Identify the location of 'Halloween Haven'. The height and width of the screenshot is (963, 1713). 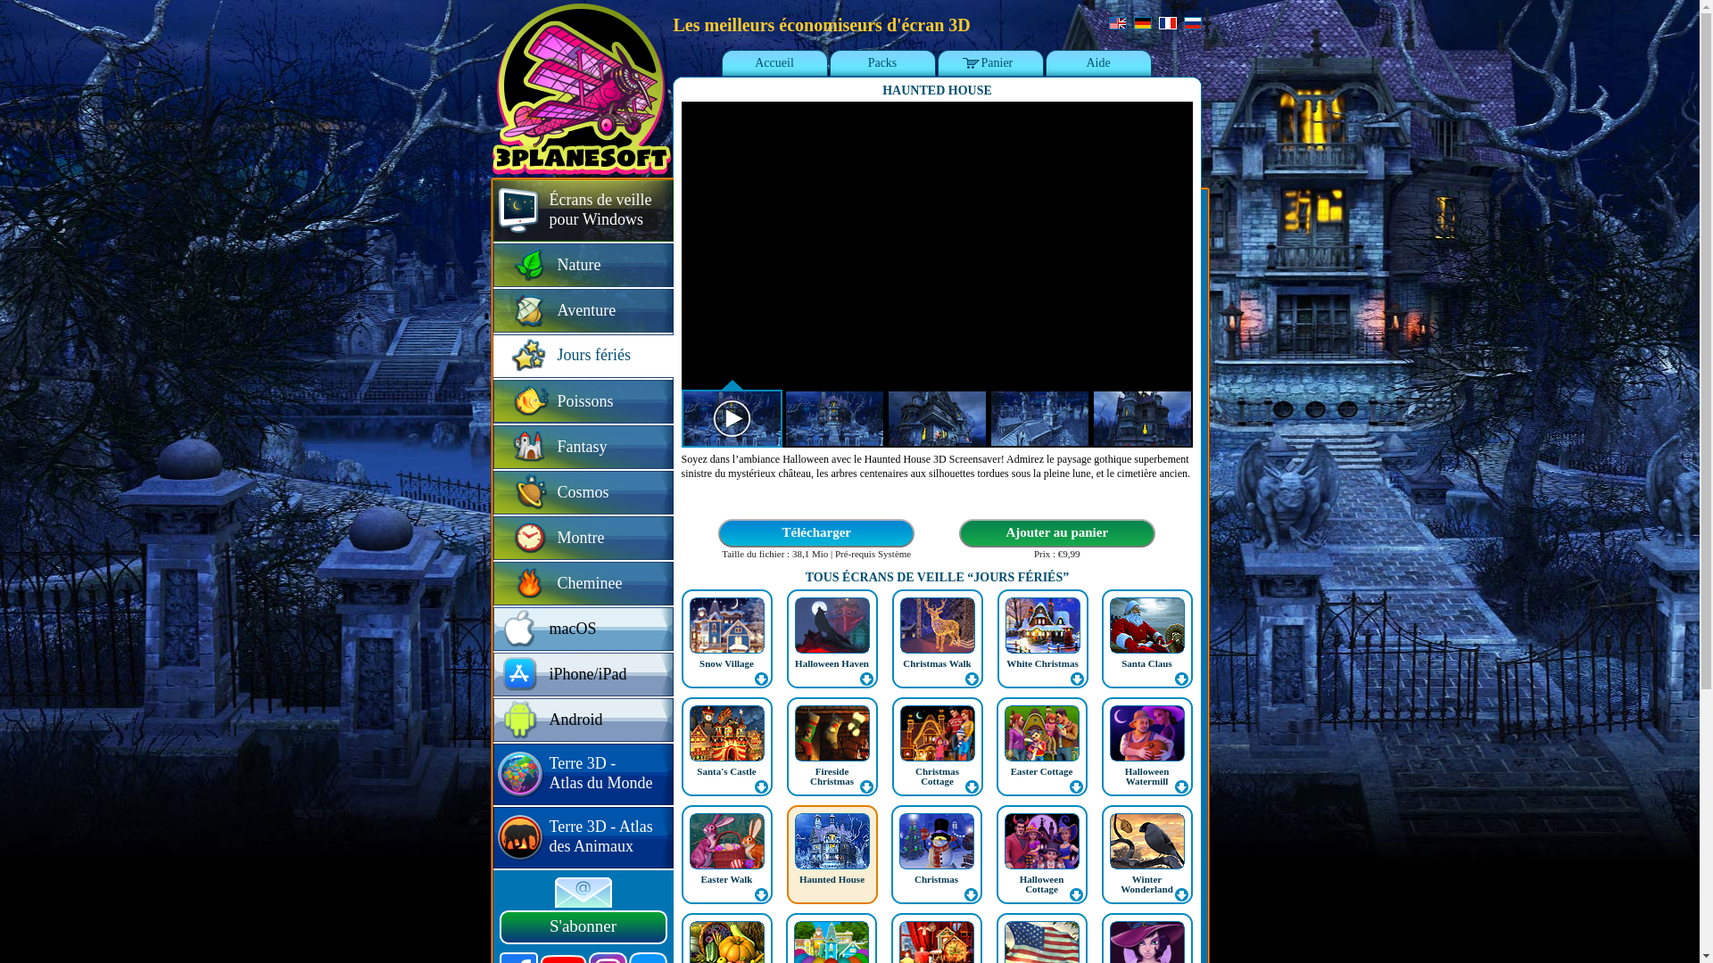
(831, 663).